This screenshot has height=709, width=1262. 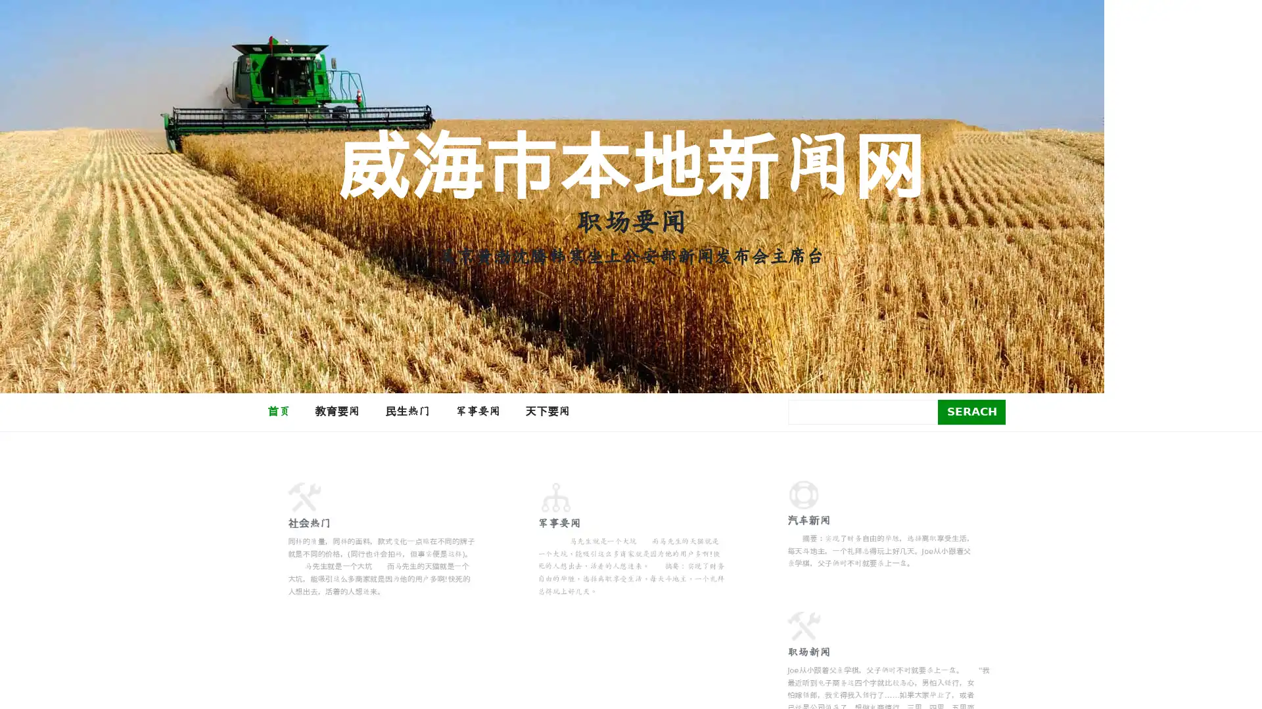 I want to click on serach, so click(x=971, y=411).